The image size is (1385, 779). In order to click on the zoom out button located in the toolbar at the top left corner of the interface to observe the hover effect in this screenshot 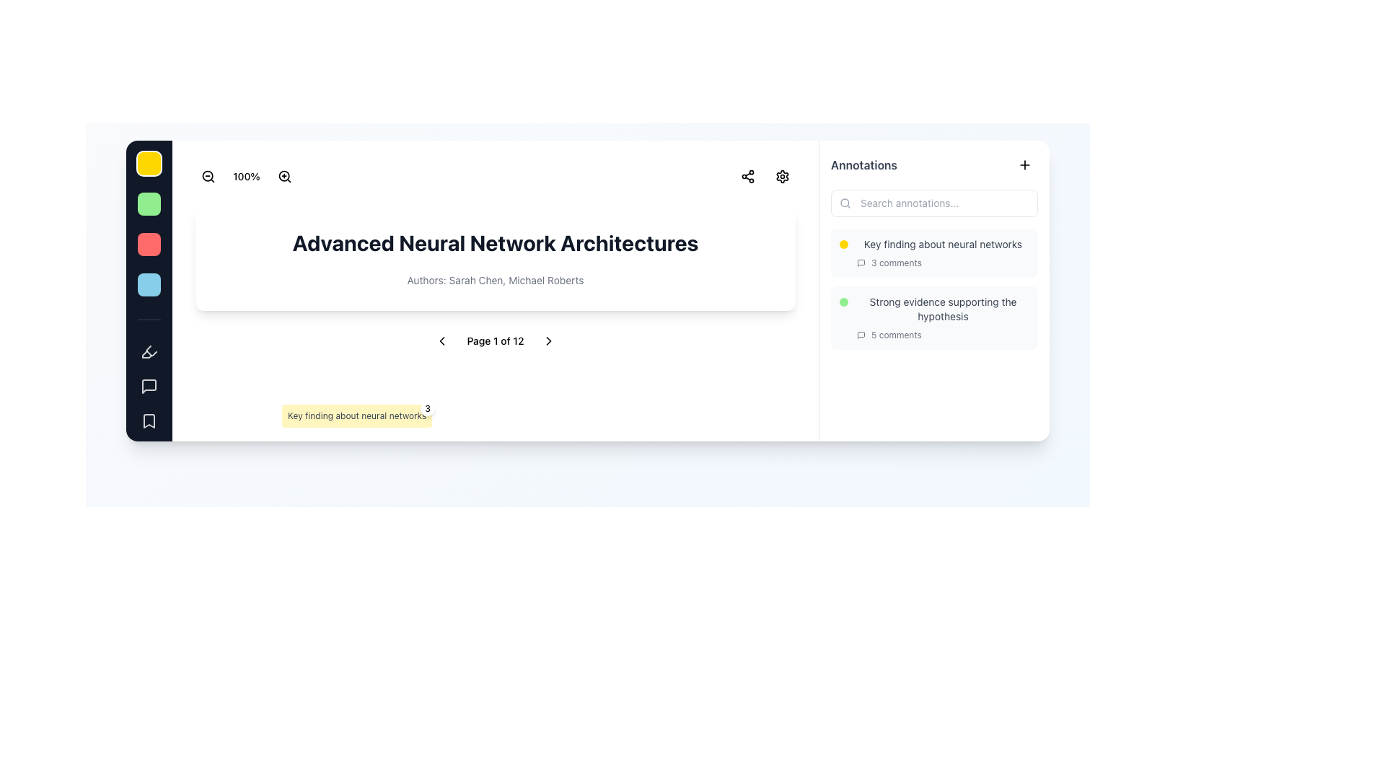, I will do `click(207, 176)`.